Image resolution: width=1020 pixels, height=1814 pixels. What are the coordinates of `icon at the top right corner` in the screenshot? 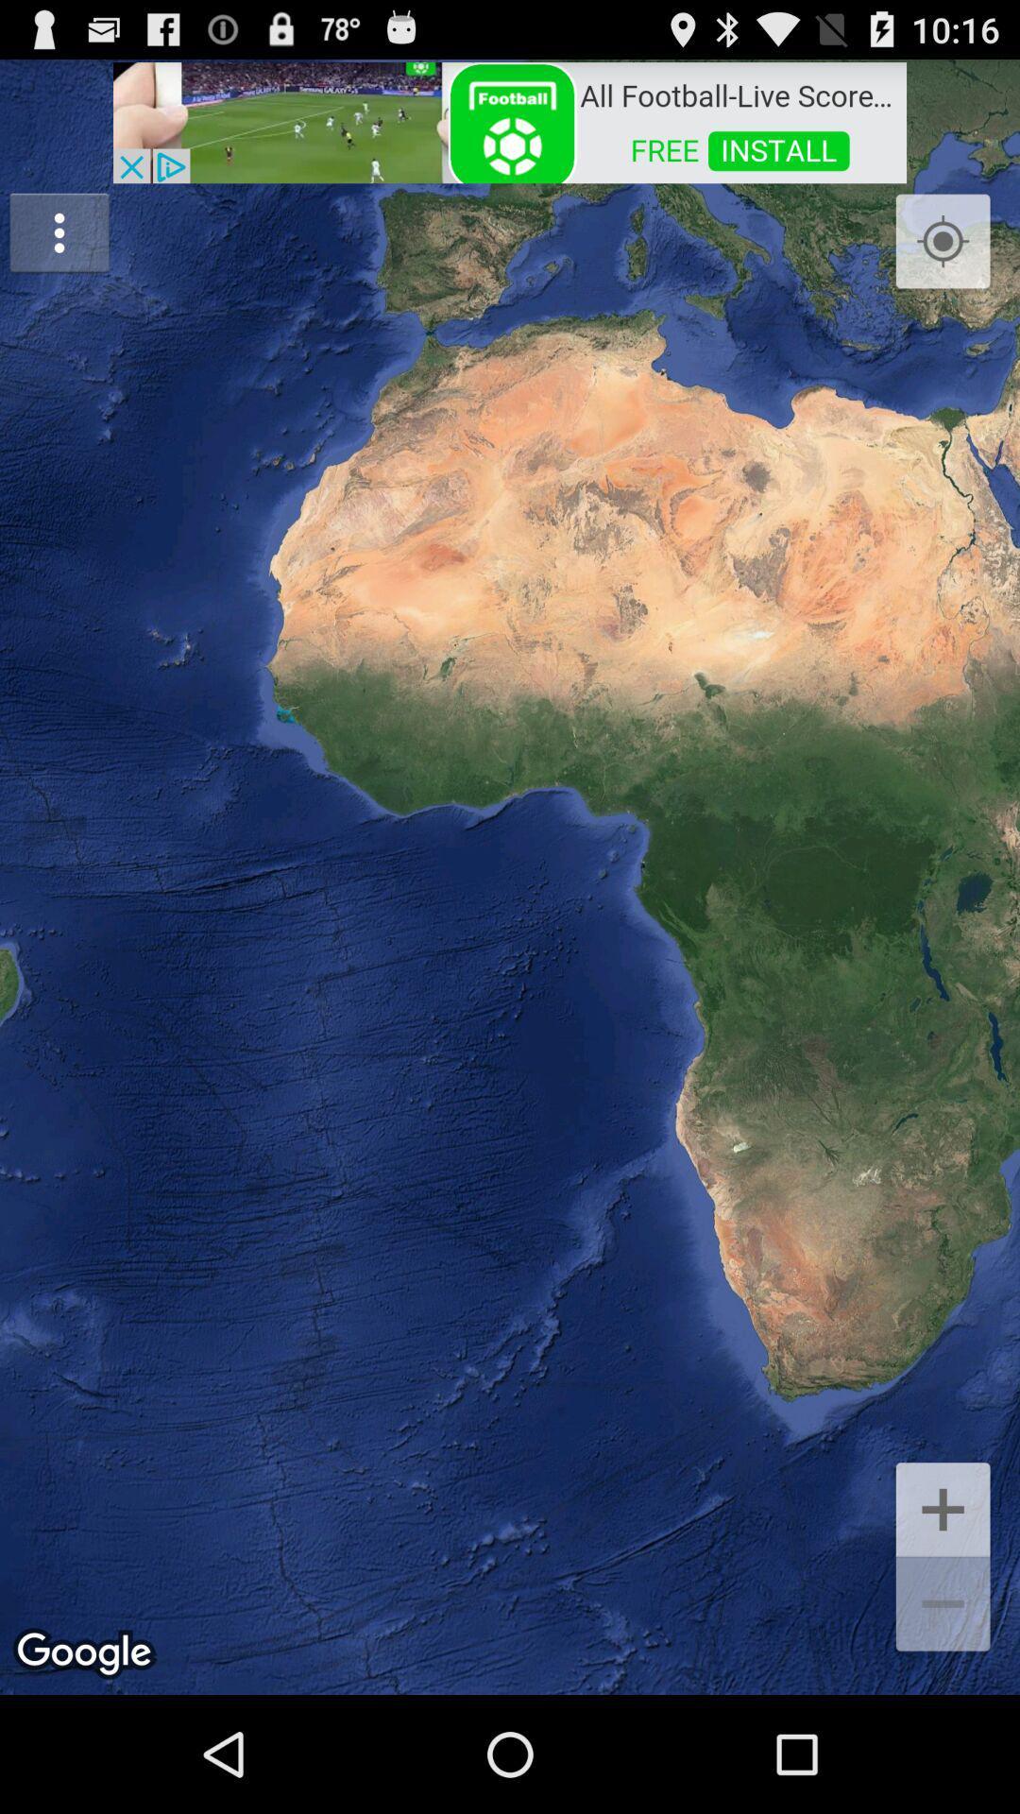 It's located at (943, 241).